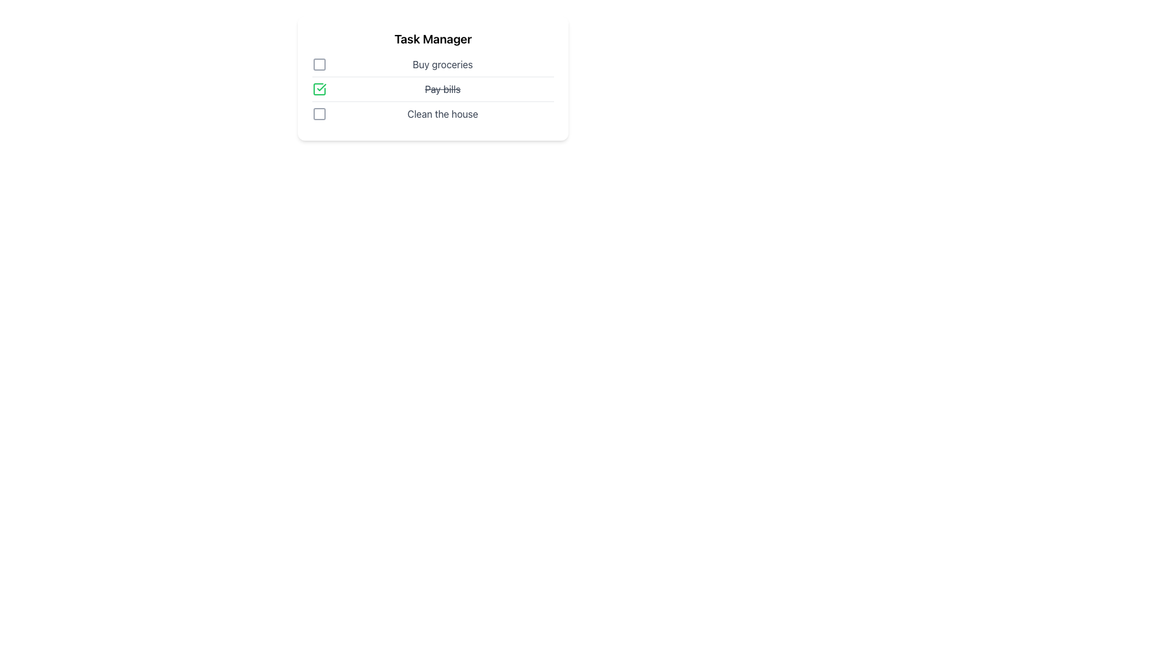 The width and height of the screenshot is (1160, 652). Describe the element at coordinates (433, 67) in the screenshot. I see `the first task item in the task manager interface` at that location.